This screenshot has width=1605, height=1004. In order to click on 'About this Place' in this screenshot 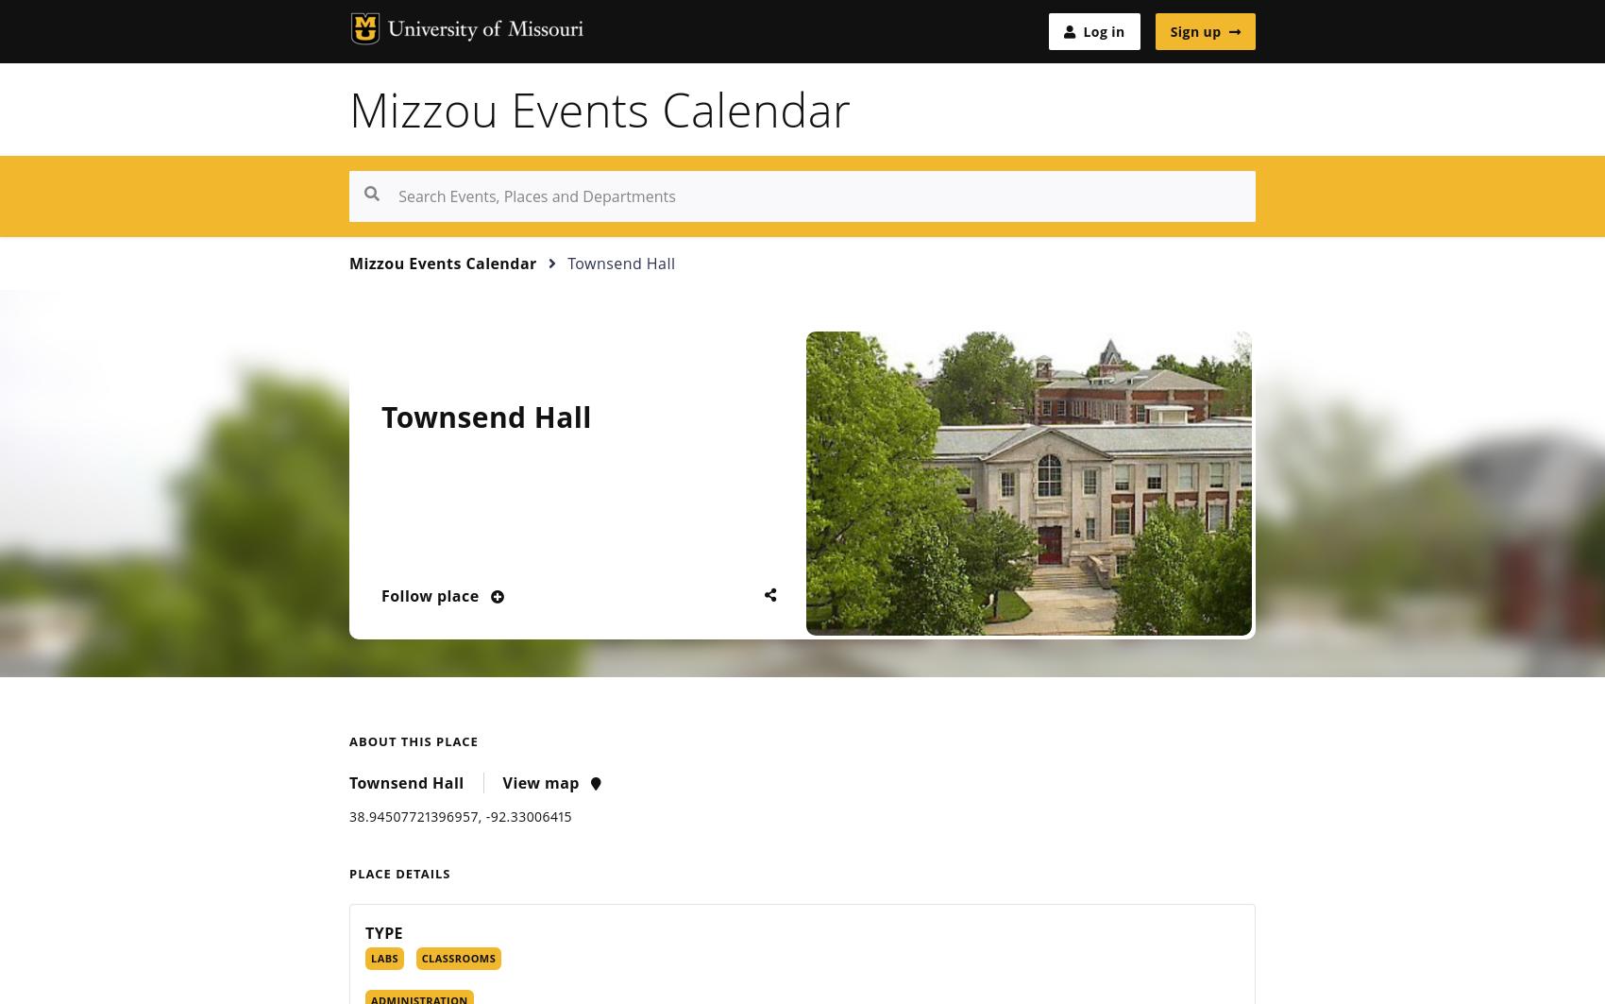, I will do `click(413, 740)`.